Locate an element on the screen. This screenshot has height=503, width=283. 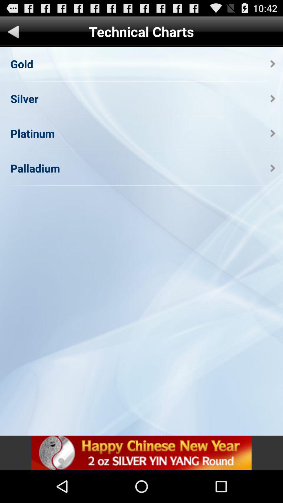
icon on the left is located at coordinates (35, 168).